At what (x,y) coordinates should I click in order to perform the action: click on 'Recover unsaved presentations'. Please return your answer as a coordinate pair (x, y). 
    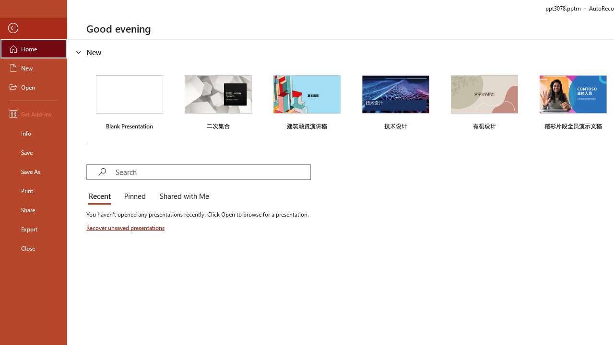
    Looking at the image, I should click on (126, 228).